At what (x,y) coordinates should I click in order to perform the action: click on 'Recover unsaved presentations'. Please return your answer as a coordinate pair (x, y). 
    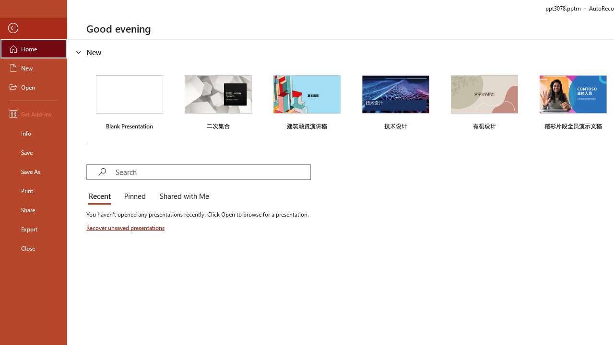
    Looking at the image, I should click on (126, 228).